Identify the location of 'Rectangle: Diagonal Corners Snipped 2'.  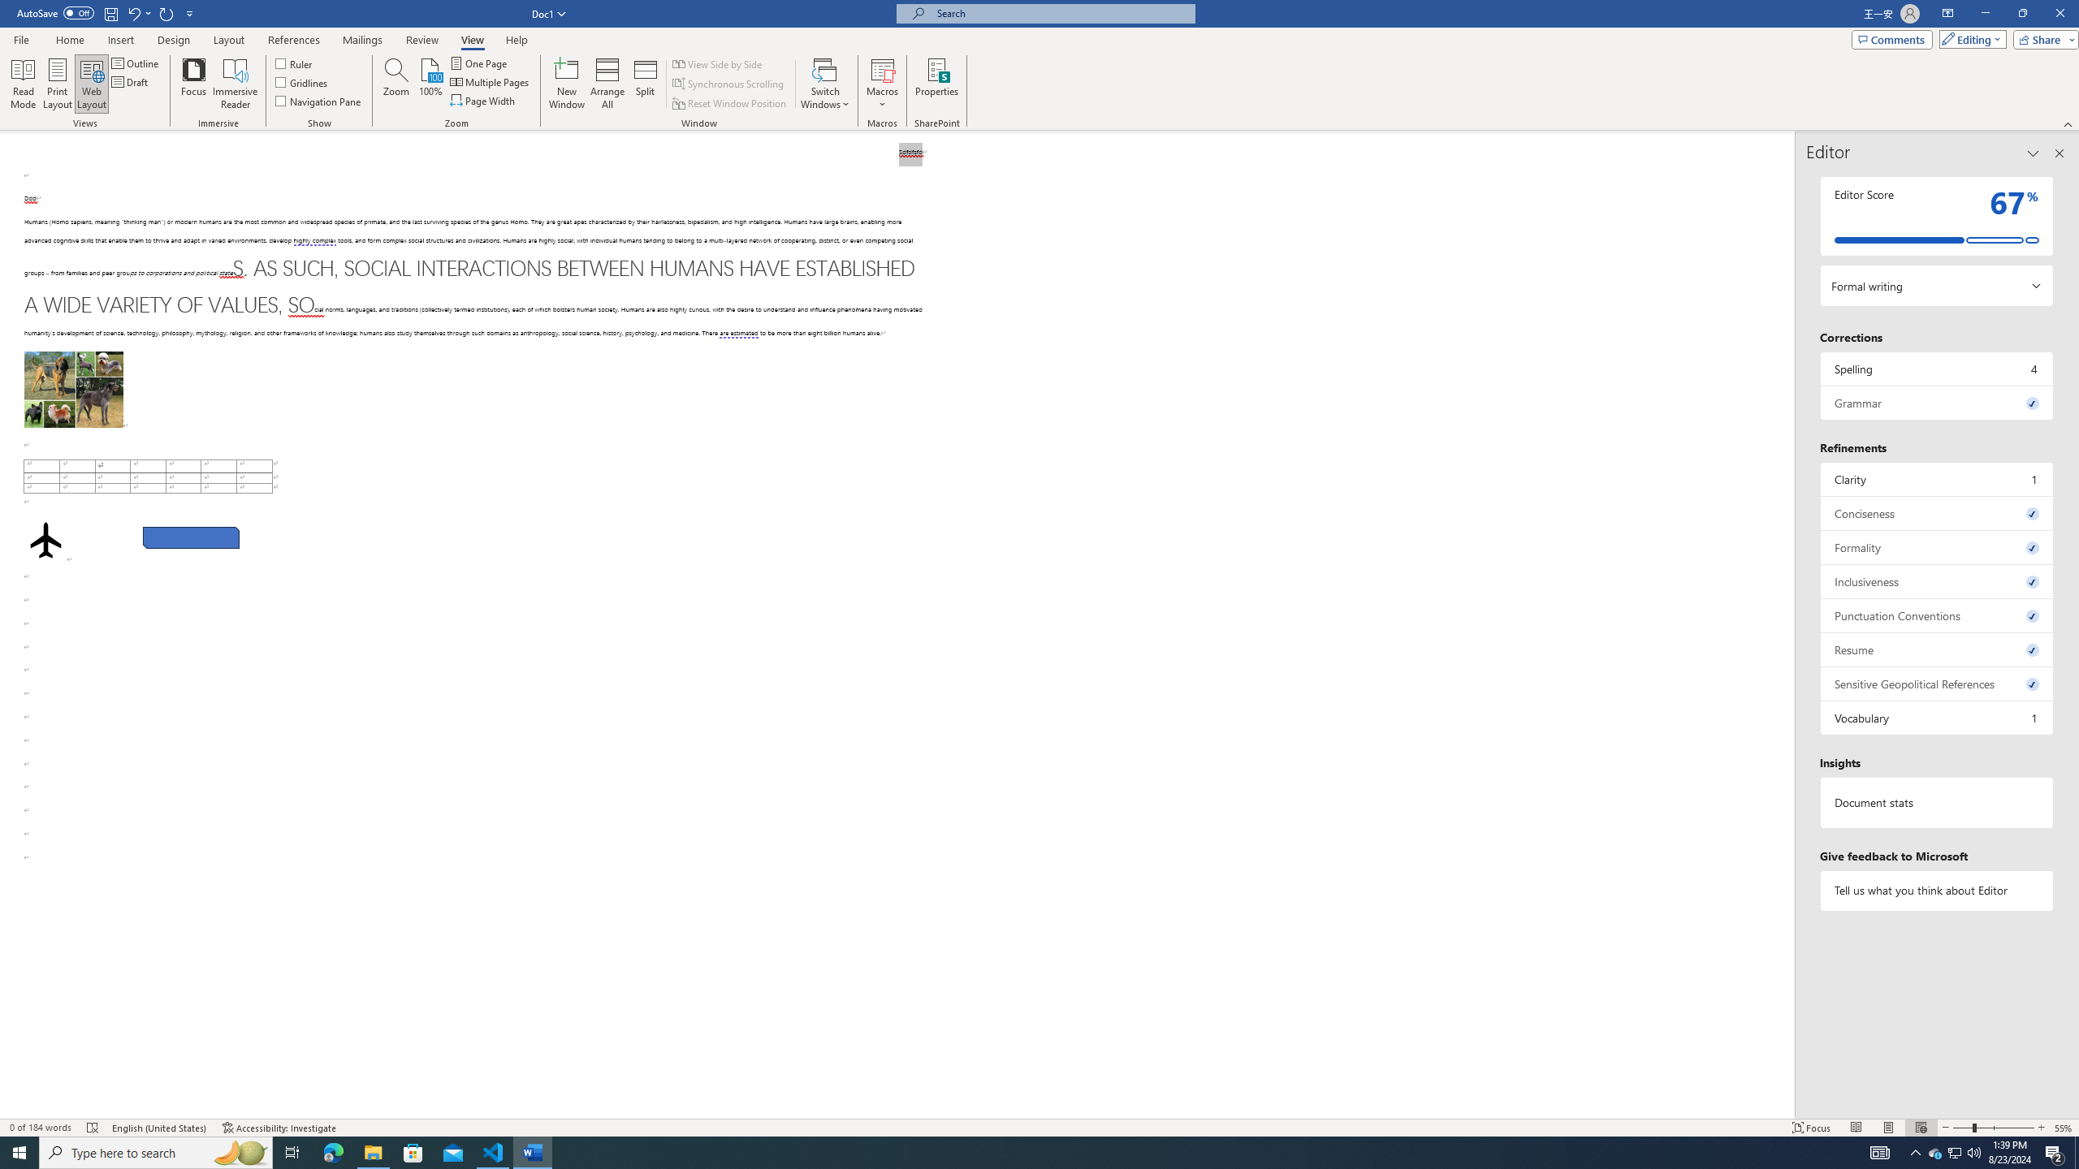
(191, 537).